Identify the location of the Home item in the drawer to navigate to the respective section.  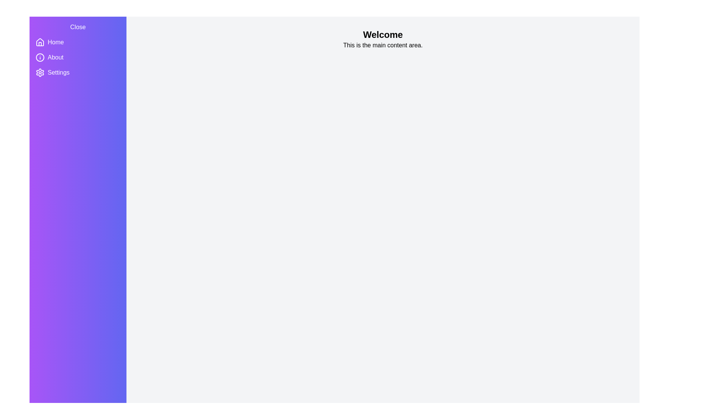
(55, 42).